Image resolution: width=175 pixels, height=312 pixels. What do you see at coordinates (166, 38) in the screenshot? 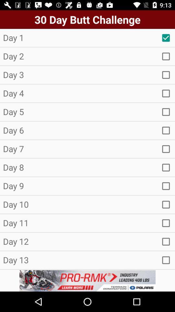
I see `check for day1` at bounding box center [166, 38].